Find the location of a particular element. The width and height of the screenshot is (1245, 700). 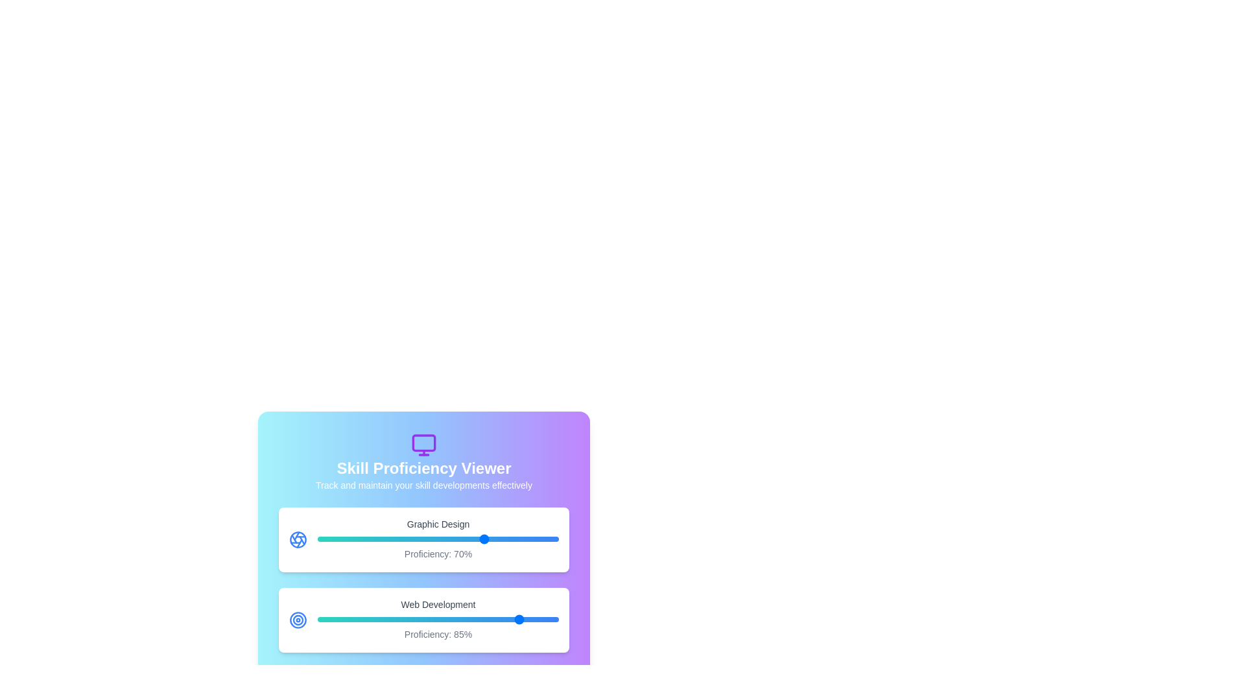

the icon next to Web Development to interact is located at coordinates (298, 619).